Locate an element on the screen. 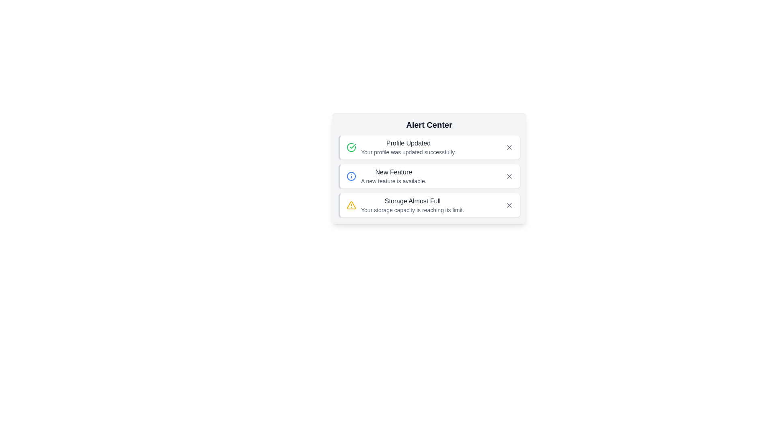 The width and height of the screenshot is (772, 434). the circular icon with a green outline and checkmark located to the left of the 'Profile Updated' alert to identify the type of alert is located at coordinates (351, 147).